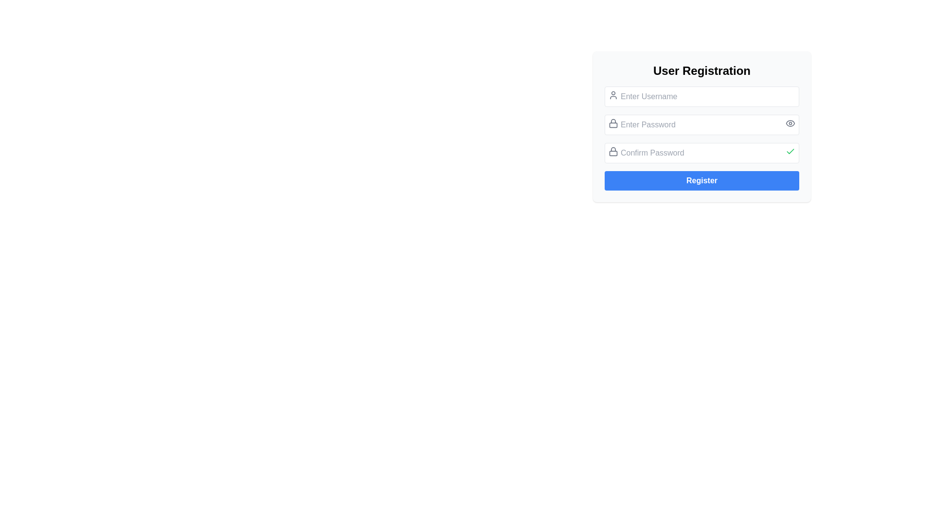  Describe the element at coordinates (790, 151) in the screenshot. I see `the green checkmark icon located at the top-right corner of the 'Confirm Password' input field in the user registration card interface` at that location.